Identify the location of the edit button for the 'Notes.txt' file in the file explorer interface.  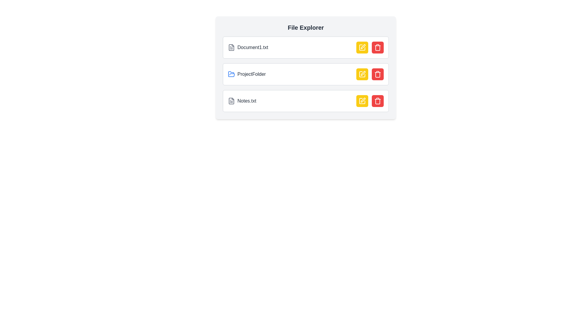
(362, 100).